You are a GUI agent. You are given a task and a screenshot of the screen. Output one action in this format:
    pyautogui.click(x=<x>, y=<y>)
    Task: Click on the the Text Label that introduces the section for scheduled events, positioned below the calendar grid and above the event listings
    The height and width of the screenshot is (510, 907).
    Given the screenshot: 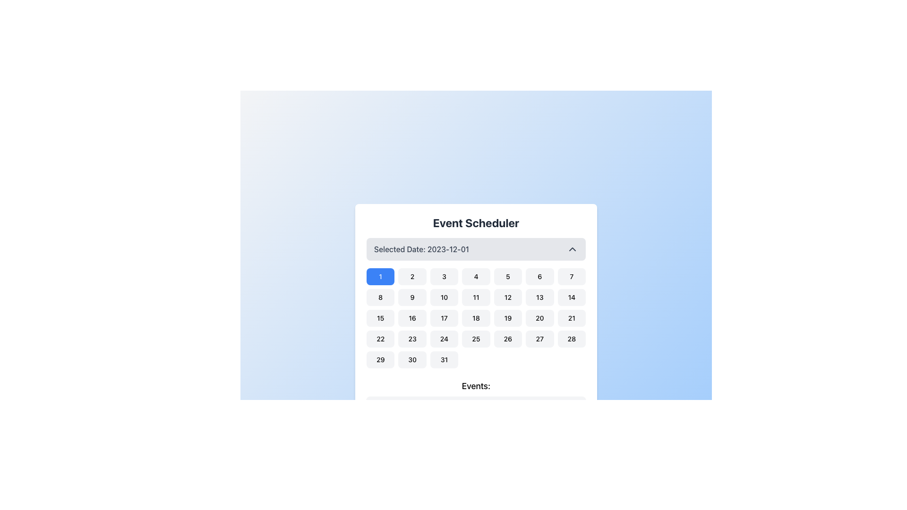 What is the action you would take?
    pyautogui.click(x=476, y=388)
    